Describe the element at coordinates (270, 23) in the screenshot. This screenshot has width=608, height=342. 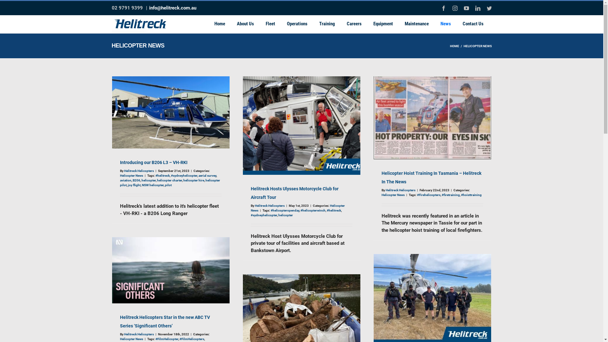
I see `'Fleet'` at that location.